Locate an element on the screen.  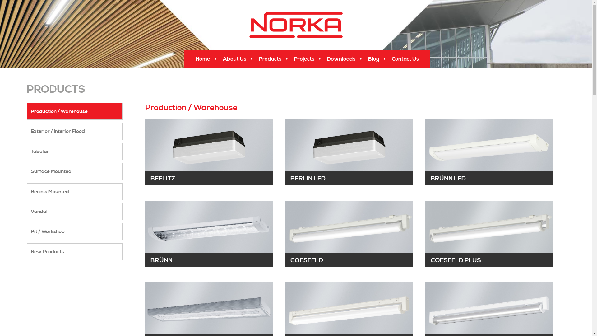
'Vandal' is located at coordinates (75, 211).